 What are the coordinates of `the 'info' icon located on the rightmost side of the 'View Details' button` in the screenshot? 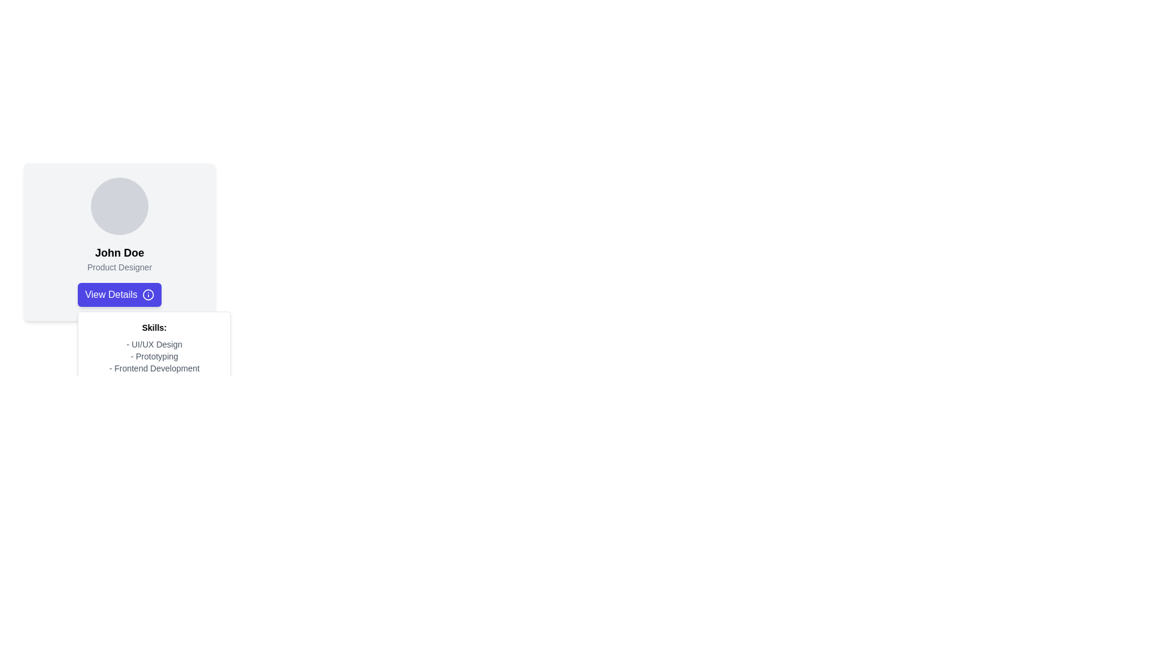 It's located at (147, 295).